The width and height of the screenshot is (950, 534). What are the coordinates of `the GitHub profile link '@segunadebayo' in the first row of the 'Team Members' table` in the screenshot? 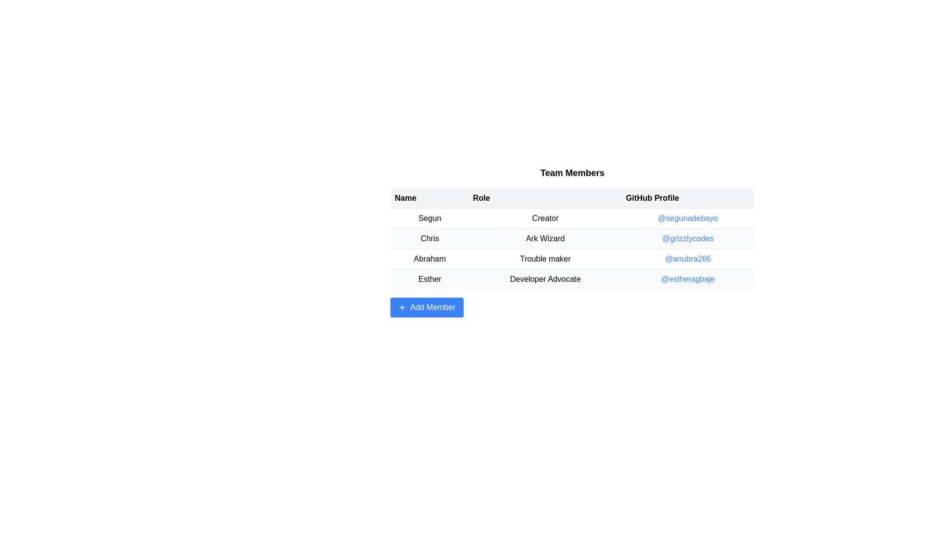 It's located at (572, 218).